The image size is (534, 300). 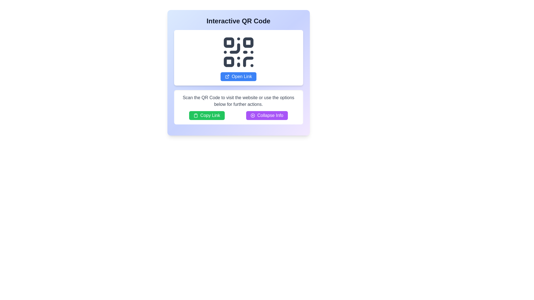 I want to click on the button that opens a link, positioned centrally below the QR code image, so click(x=238, y=77).